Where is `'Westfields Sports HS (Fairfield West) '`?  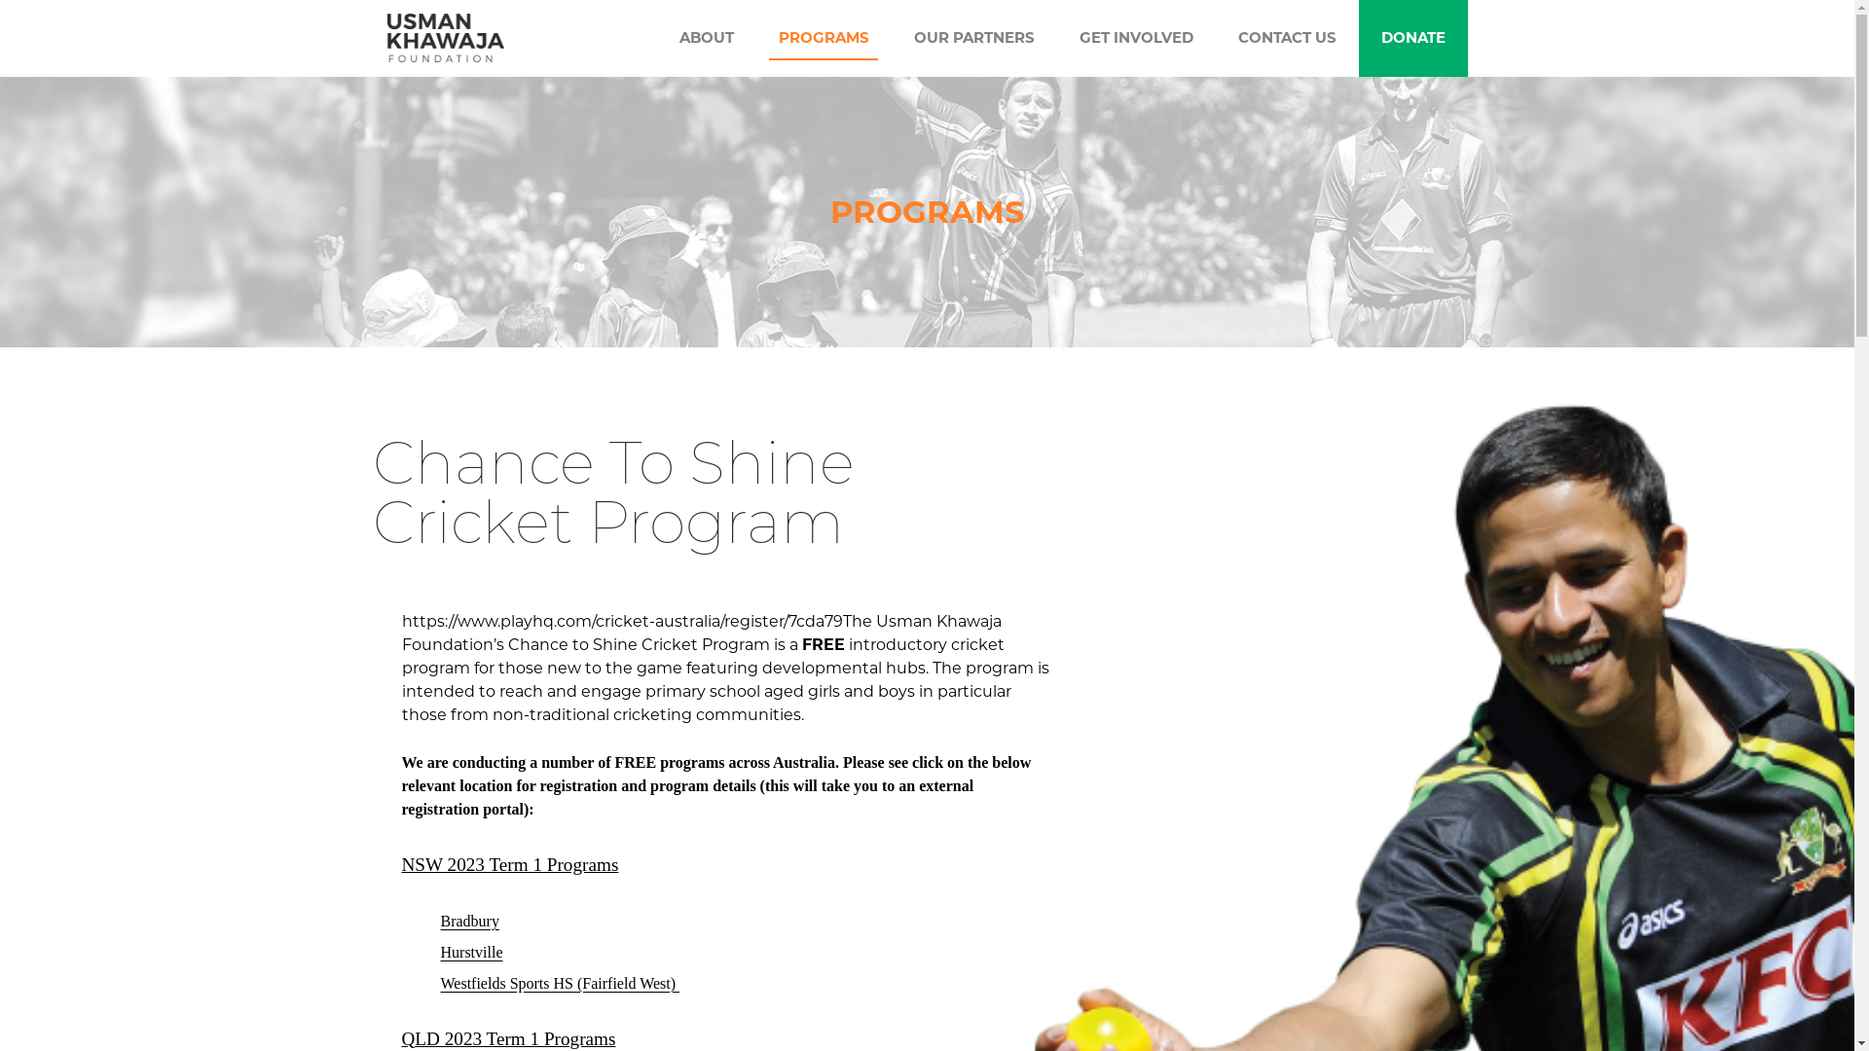
'Westfields Sports HS (Fairfield West) ' is located at coordinates (559, 983).